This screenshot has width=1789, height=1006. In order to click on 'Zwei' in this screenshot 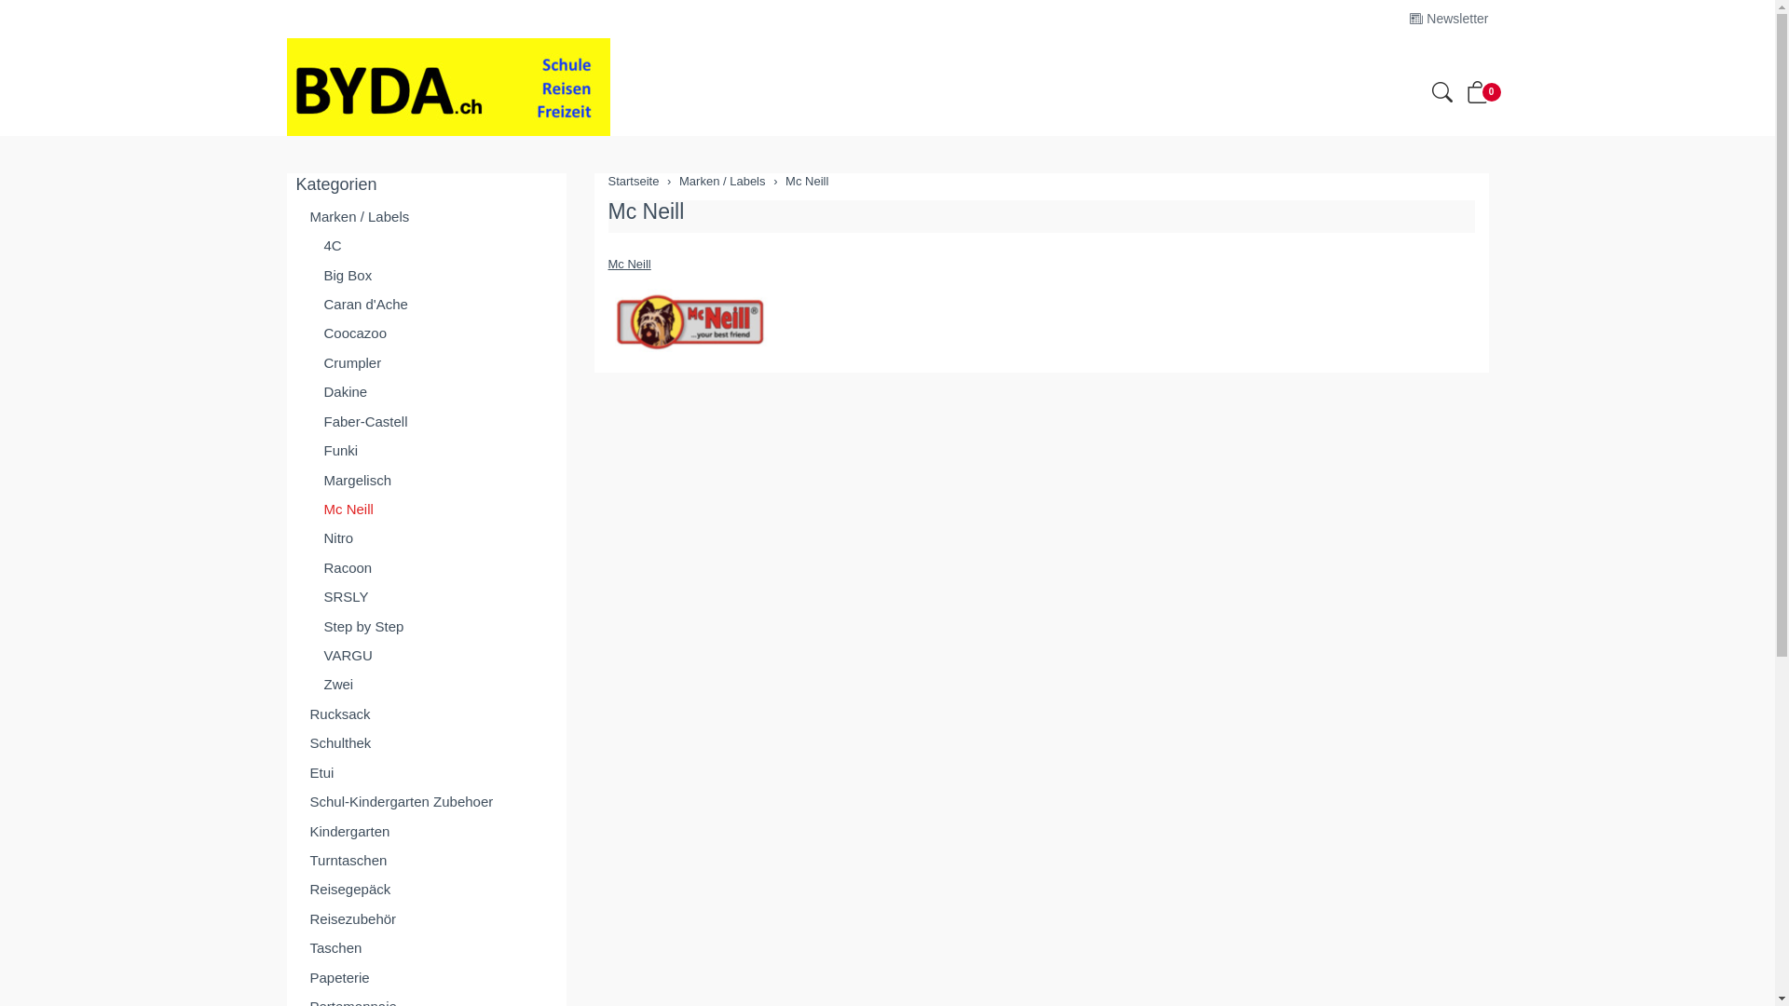, I will do `click(425, 684)`.